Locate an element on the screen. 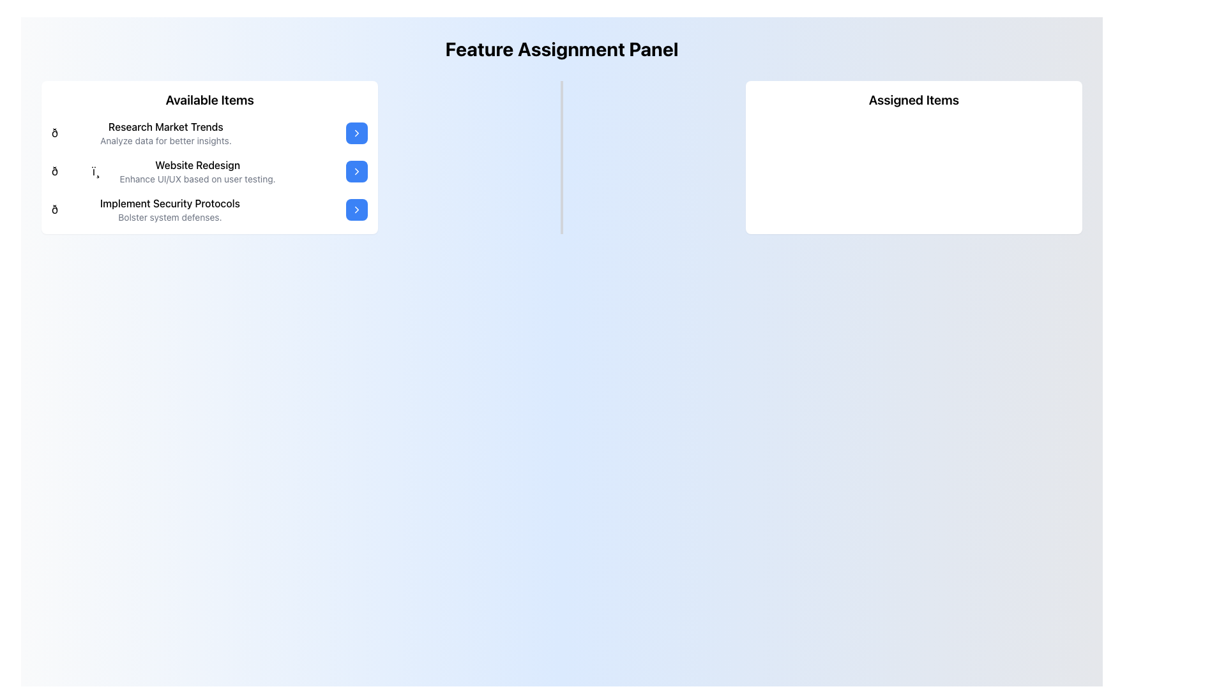 The width and height of the screenshot is (1226, 689). the Header text label that serves as a title for the items listed below, positioned at the top of the white rounded box panel is located at coordinates (209, 100).